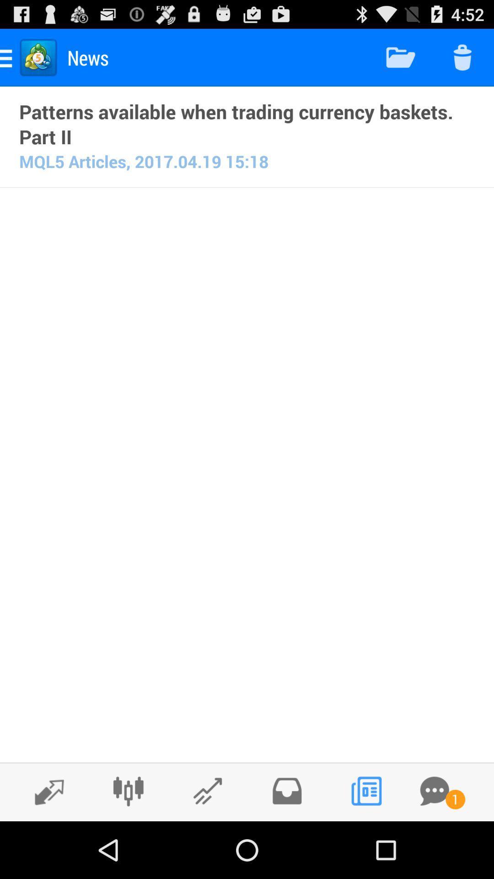 The image size is (494, 879). Describe the element at coordinates (128, 846) in the screenshot. I see `the sliders icon` at that location.